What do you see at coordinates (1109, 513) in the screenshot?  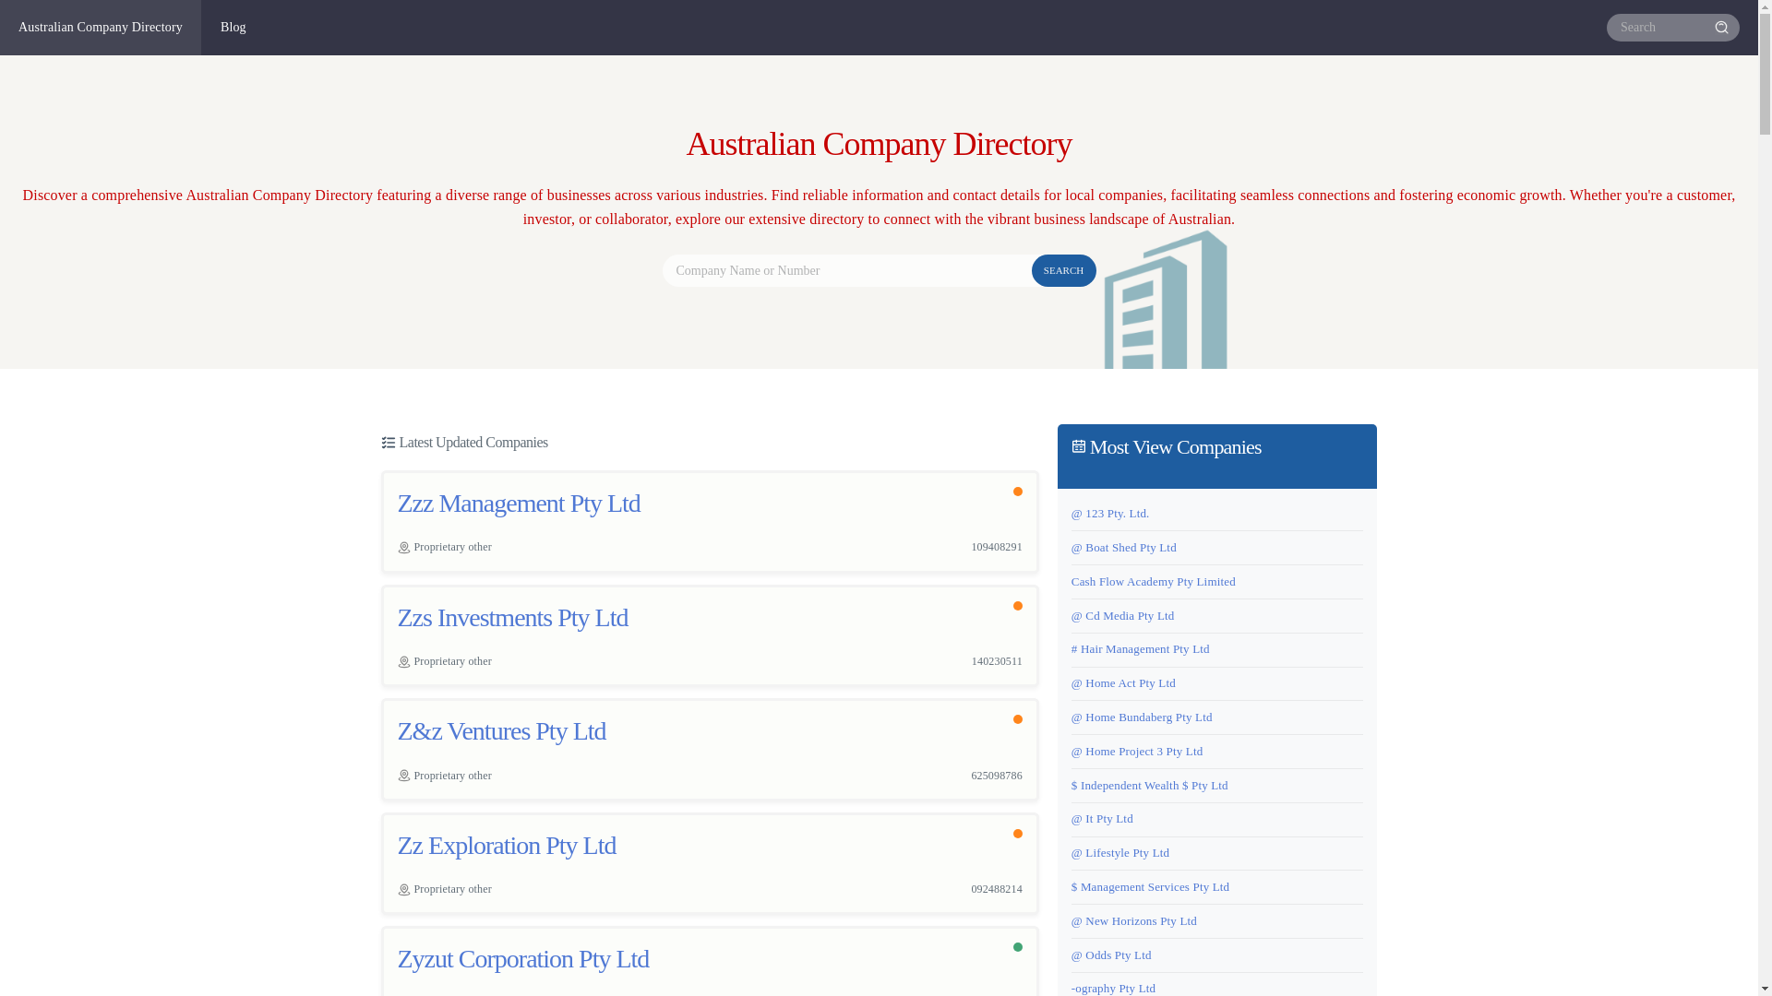 I see `'@ 123 Pty. Ltd.'` at bounding box center [1109, 513].